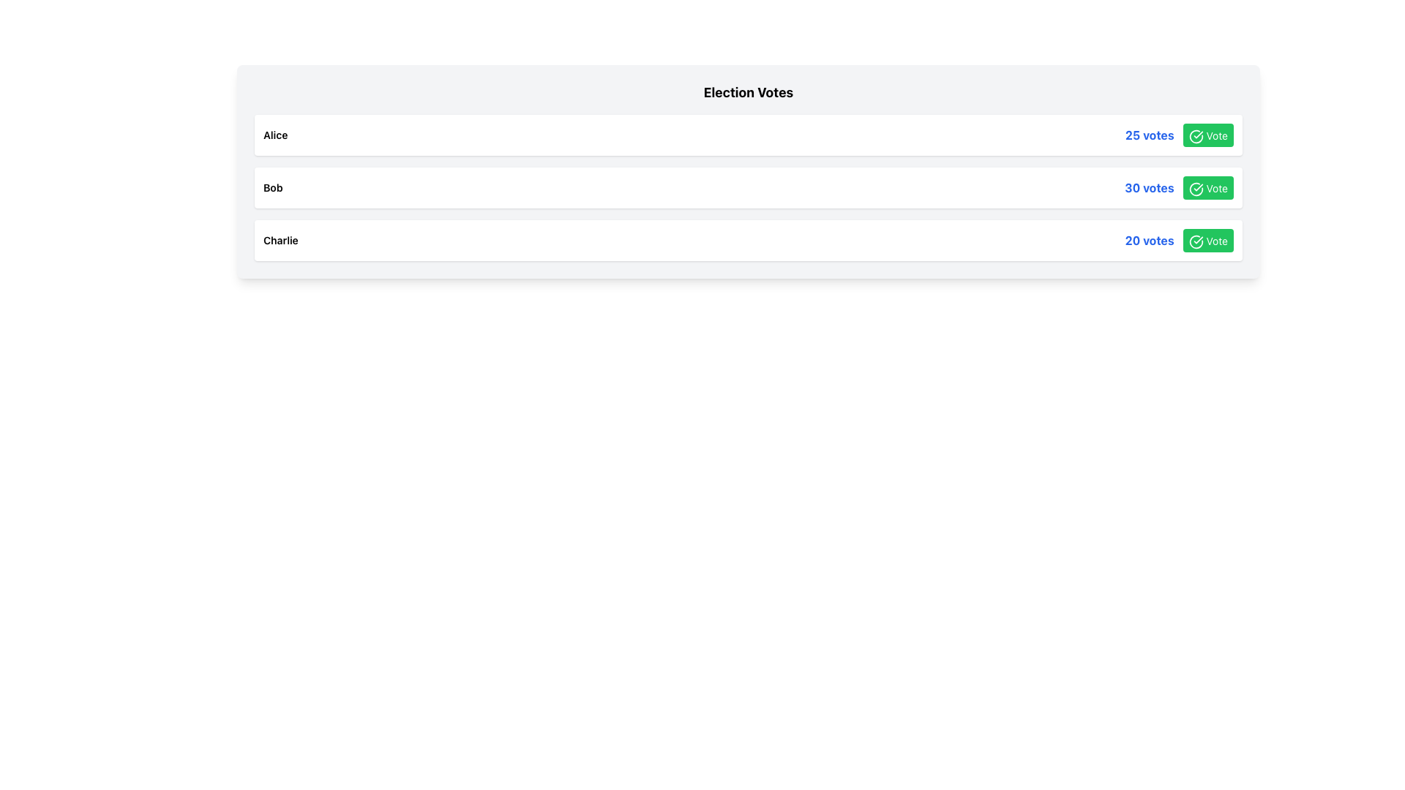 The height and width of the screenshot is (790, 1405). Describe the element at coordinates (1196, 188) in the screenshot. I see `the green circular icon with a check mark, which is part of the 'Vote' button located in the last row of the election votes list` at that location.